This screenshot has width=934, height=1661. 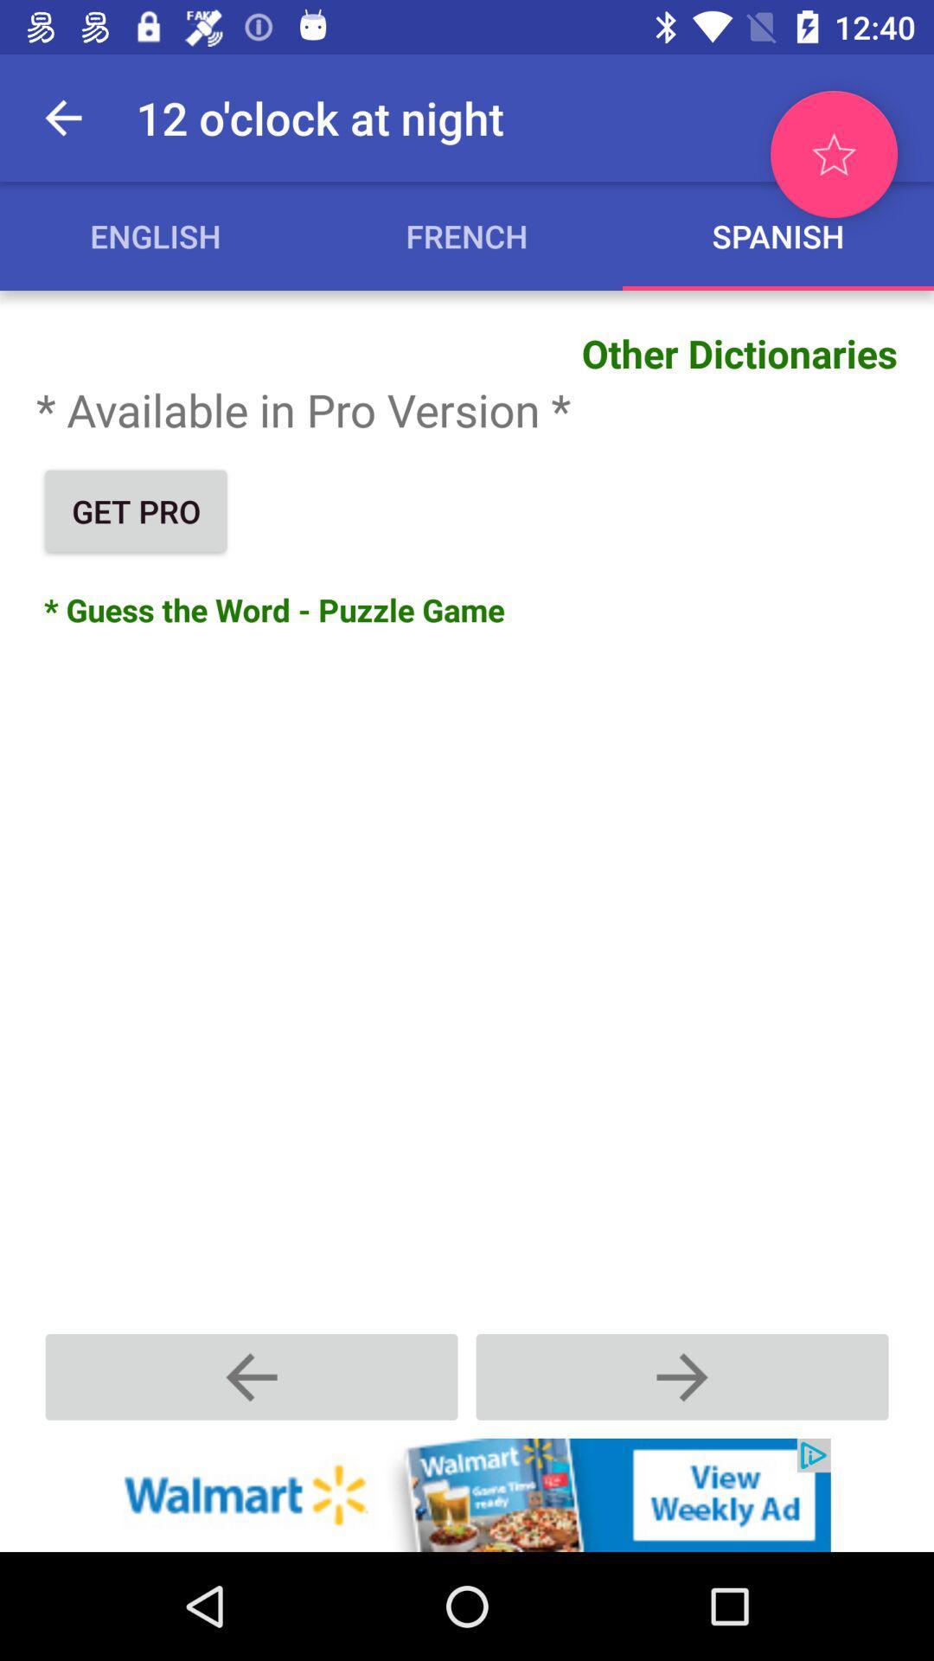 What do you see at coordinates (681, 1376) in the screenshot?
I see `the forword` at bounding box center [681, 1376].